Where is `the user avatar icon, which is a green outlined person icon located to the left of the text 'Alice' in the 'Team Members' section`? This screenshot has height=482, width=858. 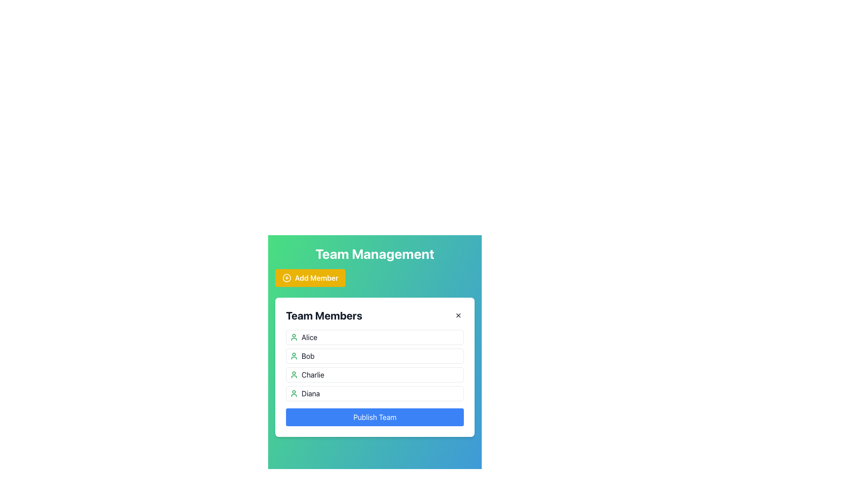
the user avatar icon, which is a green outlined person icon located to the left of the text 'Alice' in the 'Team Members' section is located at coordinates (294, 337).